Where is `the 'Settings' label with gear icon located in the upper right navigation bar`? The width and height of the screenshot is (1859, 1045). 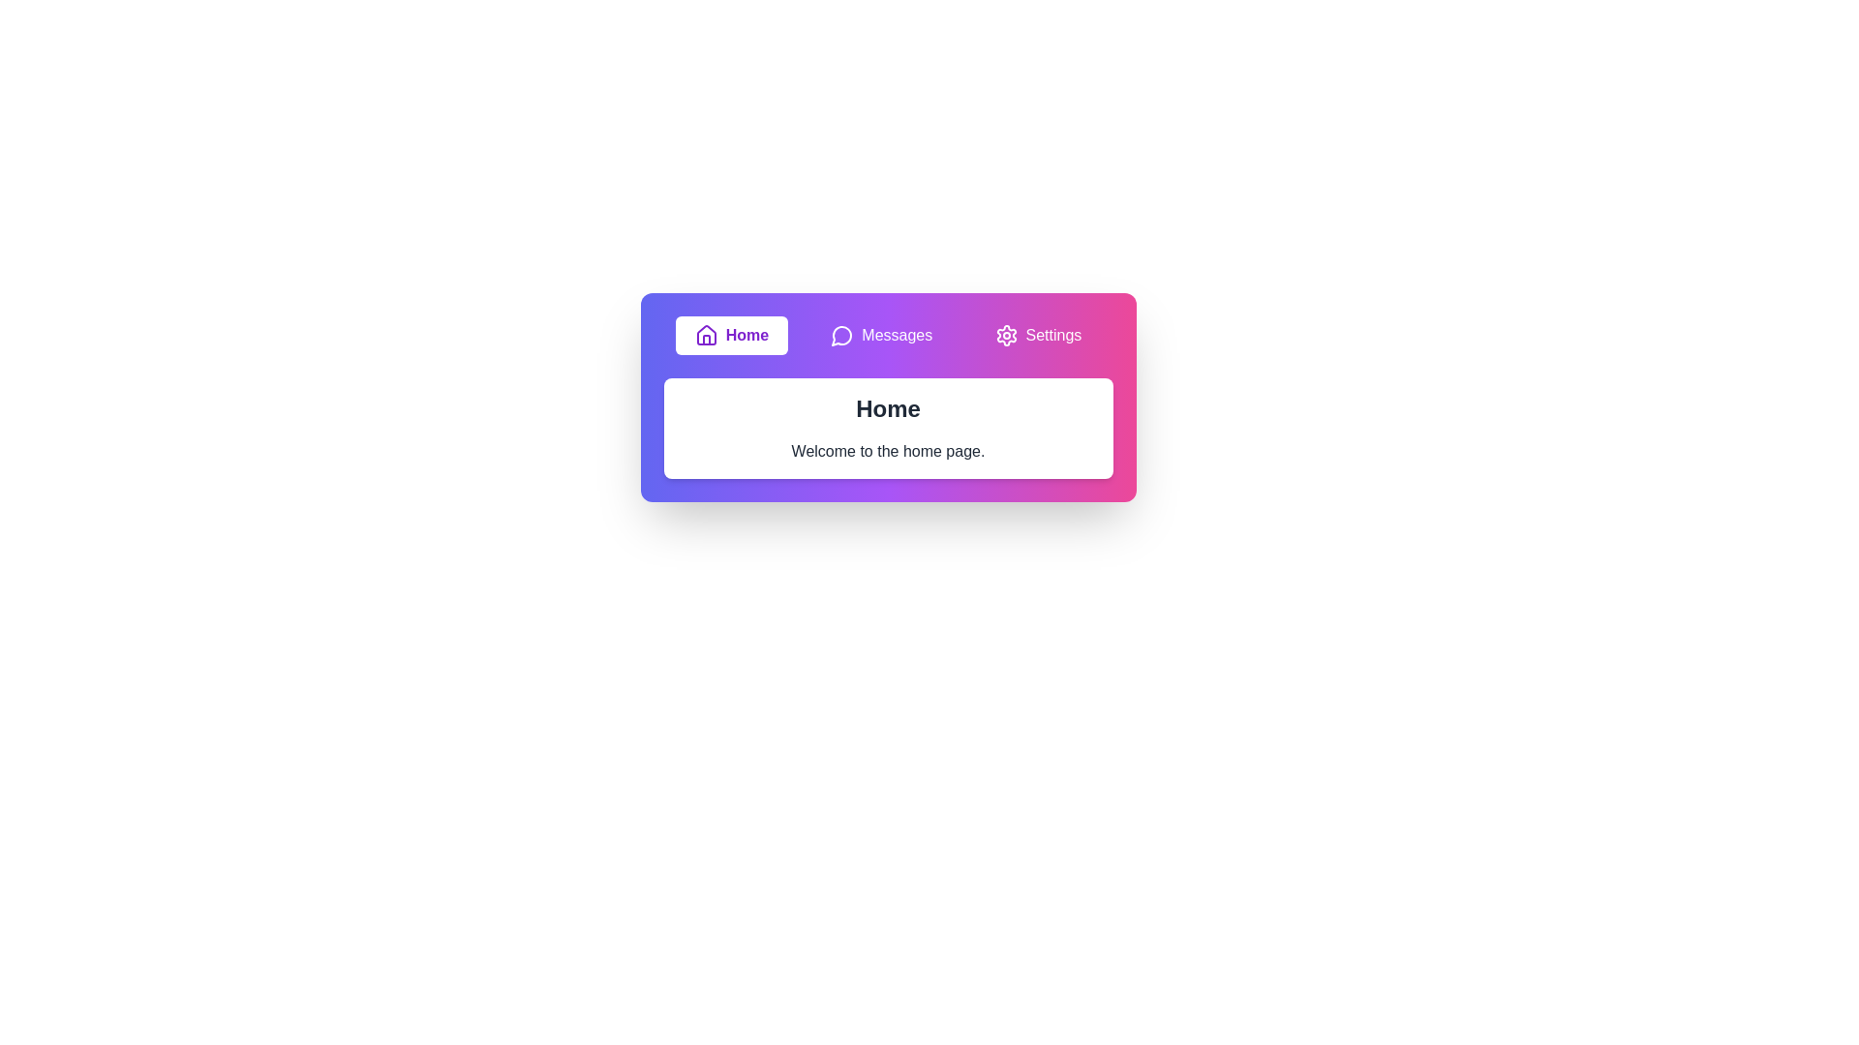
the 'Settings' label with gear icon located in the upper right navigation bar is located at coordinates (1037, 335).